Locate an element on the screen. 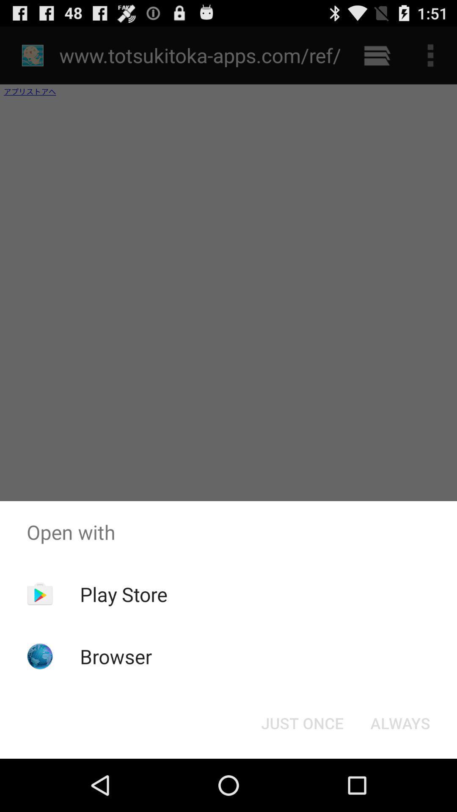 Image resolution: width=457 pixels, height=812 pixels. just once is located at coordinates (302, 722).